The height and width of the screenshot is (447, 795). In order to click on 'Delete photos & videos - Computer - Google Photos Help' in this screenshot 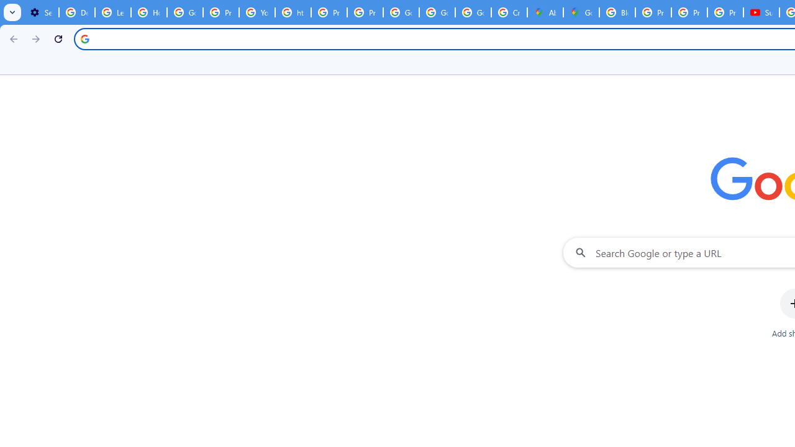, I will do `click(76, 12)`.